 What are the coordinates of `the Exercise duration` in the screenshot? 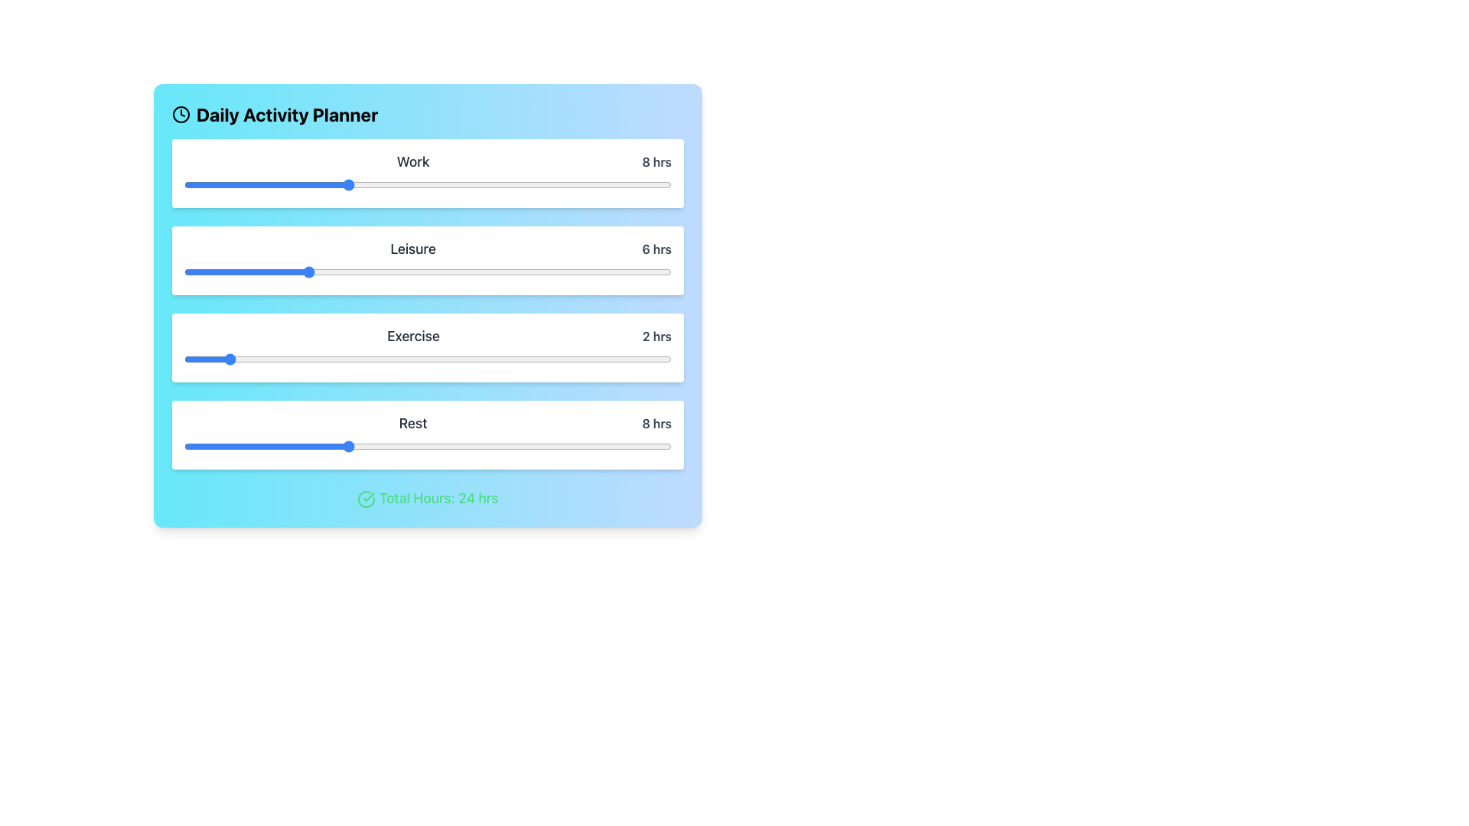 It's located at (467, 359).